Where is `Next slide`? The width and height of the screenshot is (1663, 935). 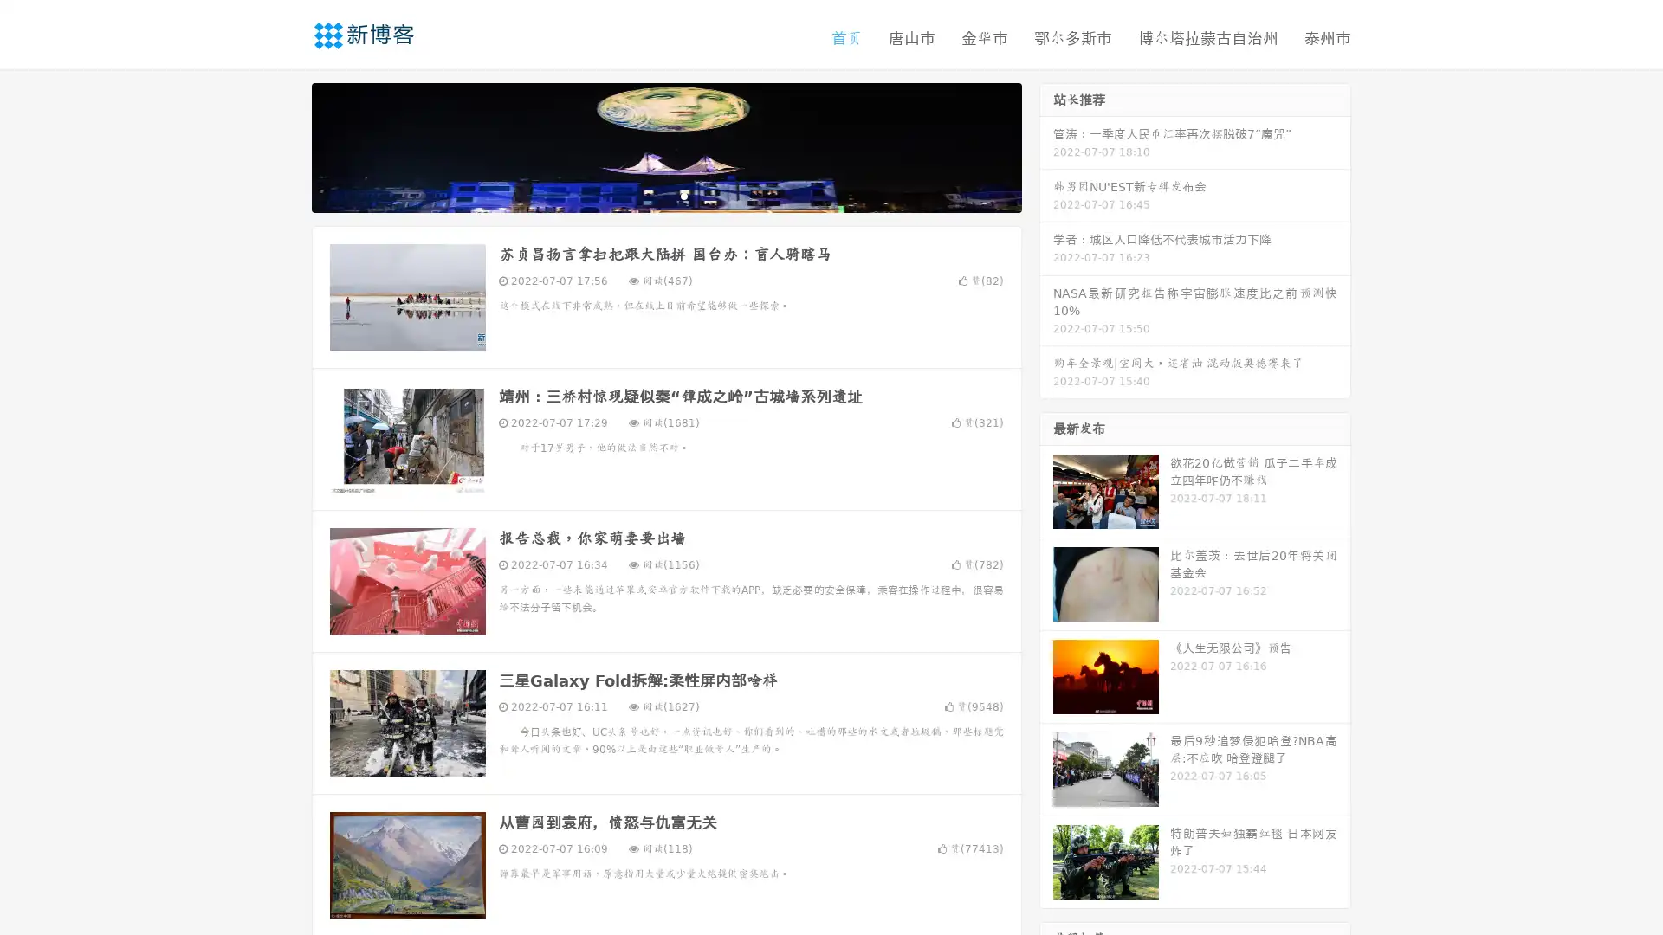 Next slide is located at coordinates (1046, 145).